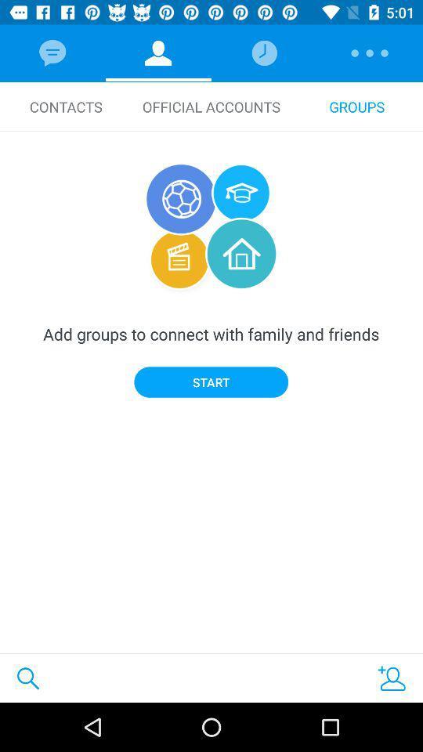 This screenshot has width=423, height=752. Describe the element at coordinates (211, 106) in the screenshot. I see `the item next to the groups` at that location.